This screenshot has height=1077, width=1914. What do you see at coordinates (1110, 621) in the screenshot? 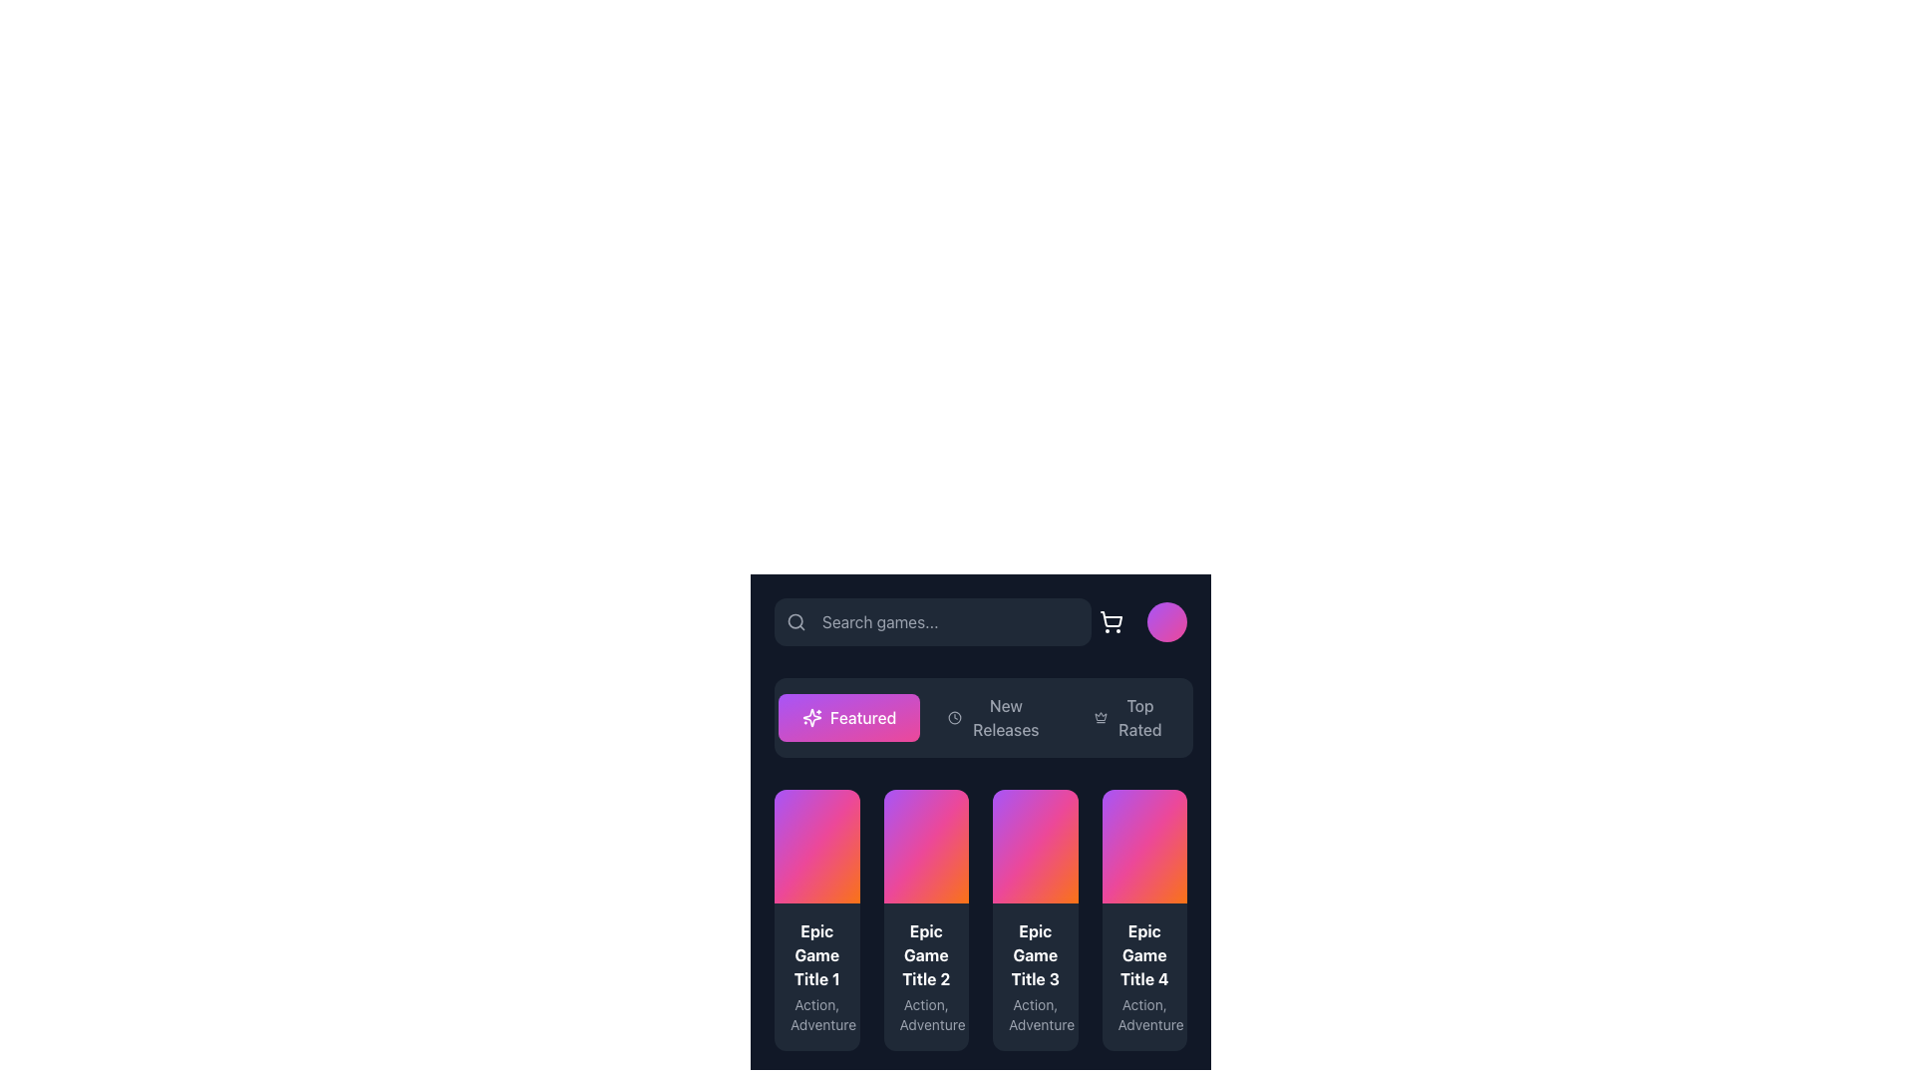
I see `the shopping cart icon with a thin, white outline against a dark blue background` at bounding box center [1110, 621].